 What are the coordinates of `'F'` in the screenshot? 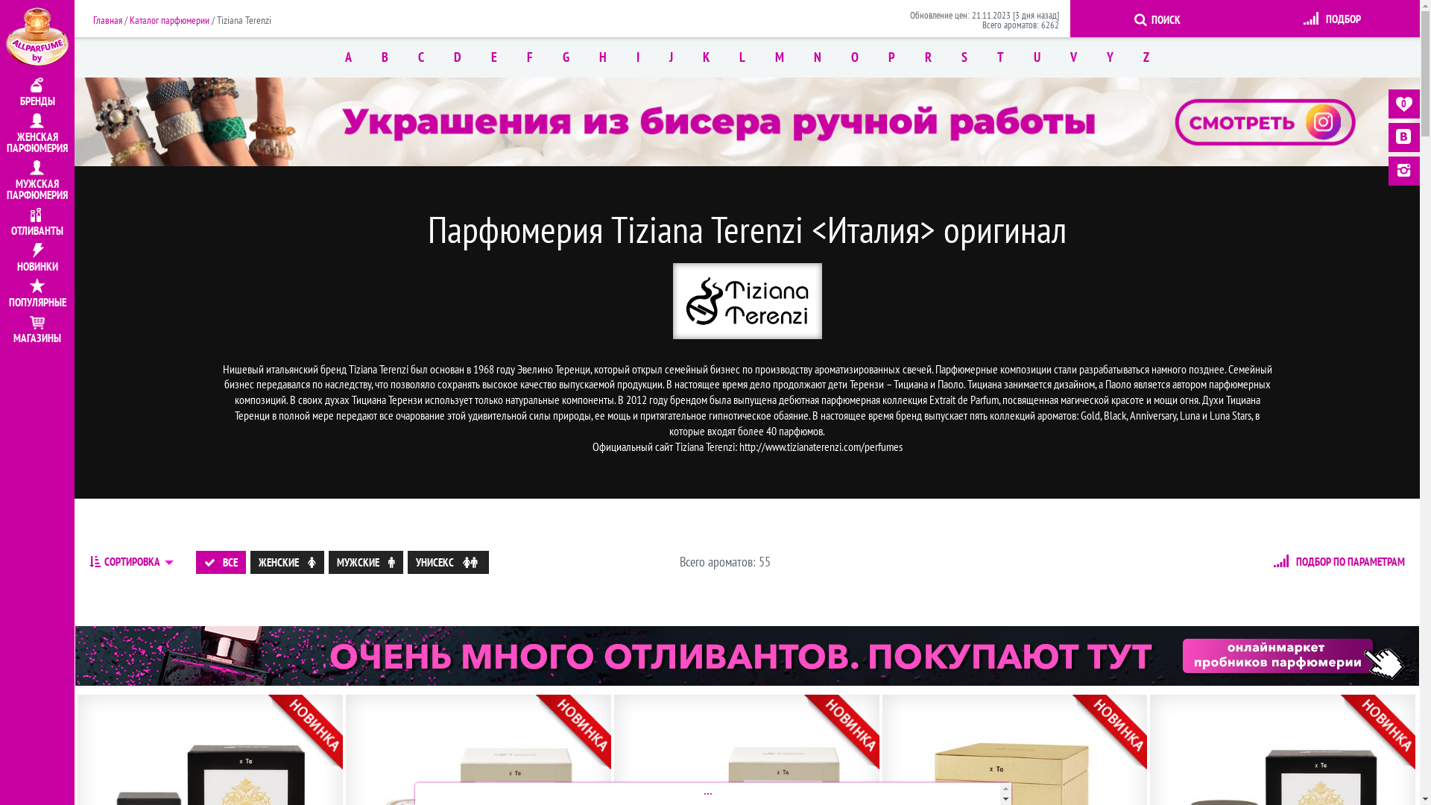 It's located at (529, 57).